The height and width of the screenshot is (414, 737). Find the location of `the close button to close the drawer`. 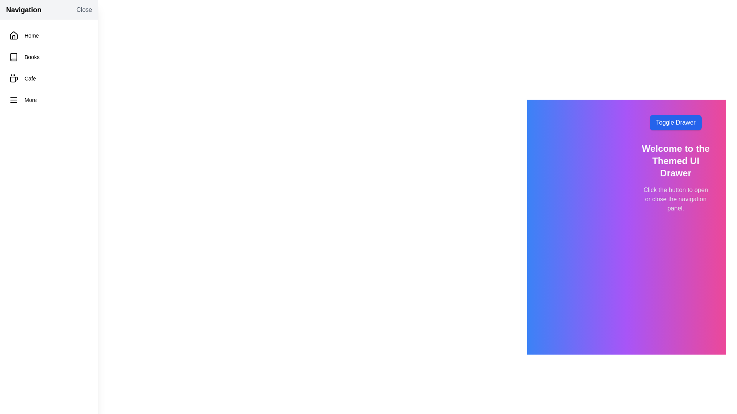

the close button to close the drawer is located at coordinates (84, 10).